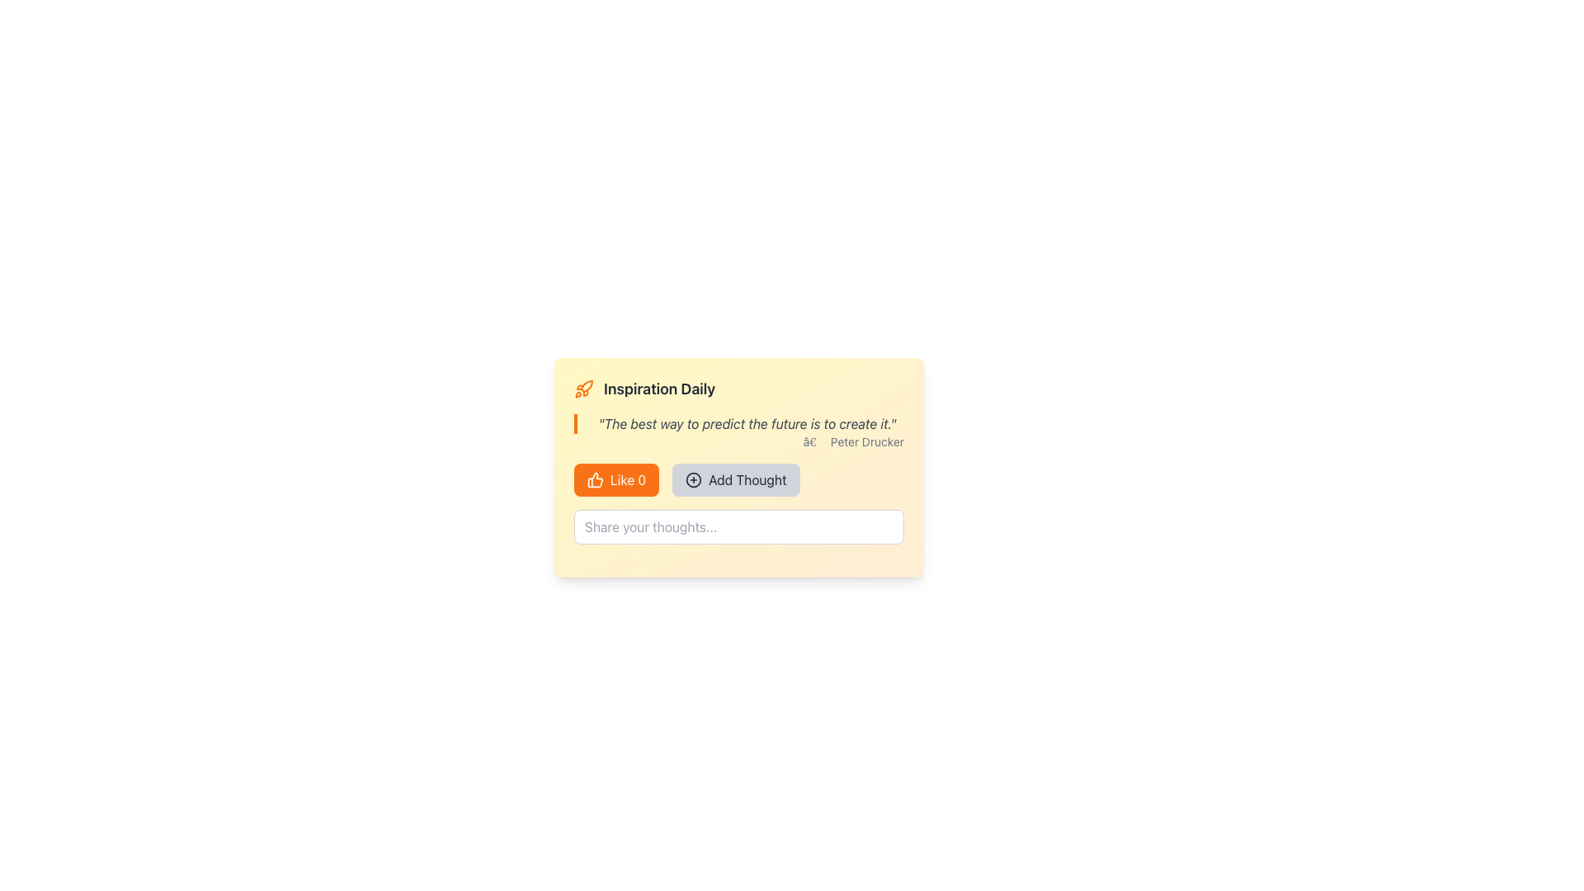 The image size is (1584, 891). What do you see at coordinates (735, 480) in the screenshot?
I see `the 'Add Thought' button, which is a rectangular button with rounded corners, a light gray background, and a black circular plus icon on the left side of the text in bold, dark gray font` at bounding box center [735, 480].